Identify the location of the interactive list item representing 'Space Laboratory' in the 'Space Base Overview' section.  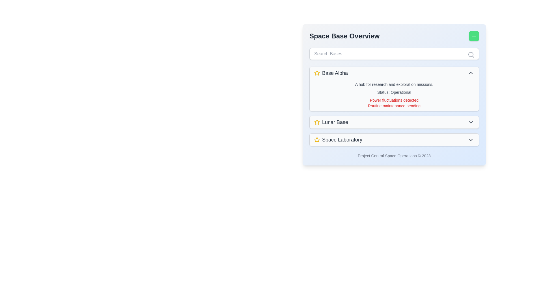
(394, 140).